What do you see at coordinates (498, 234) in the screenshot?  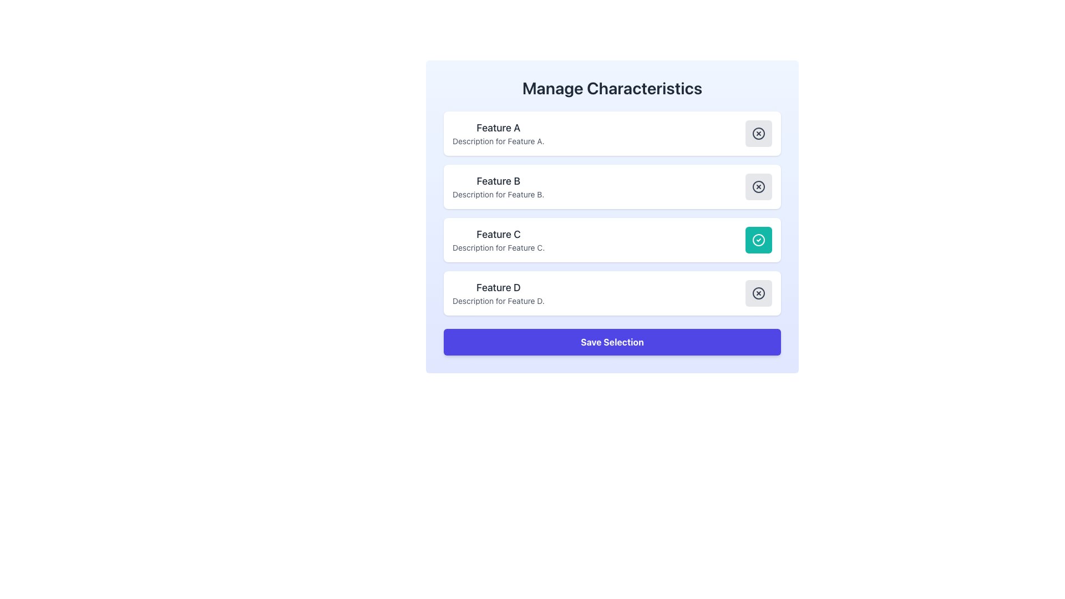 I see `the 'Feature C' text label located in the 'Manage Characteristics' section, which is the third item in the list of features` at bounding box center [498, 234].